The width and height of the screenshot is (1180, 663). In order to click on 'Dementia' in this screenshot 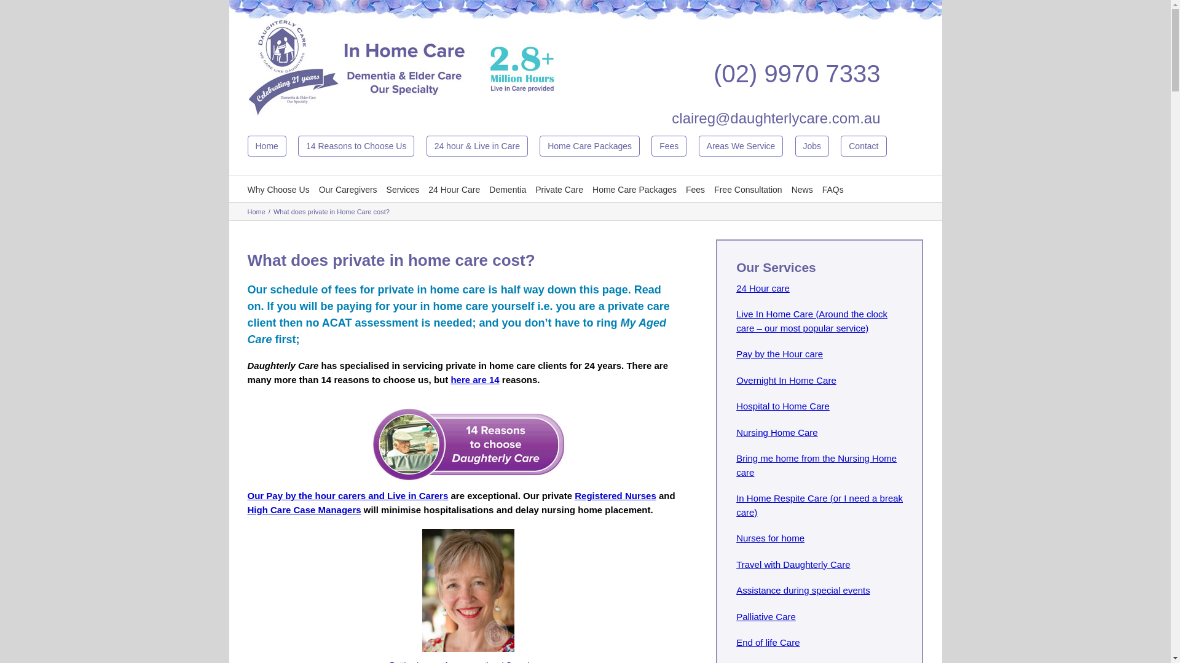, I will do `click(507, 188)`.